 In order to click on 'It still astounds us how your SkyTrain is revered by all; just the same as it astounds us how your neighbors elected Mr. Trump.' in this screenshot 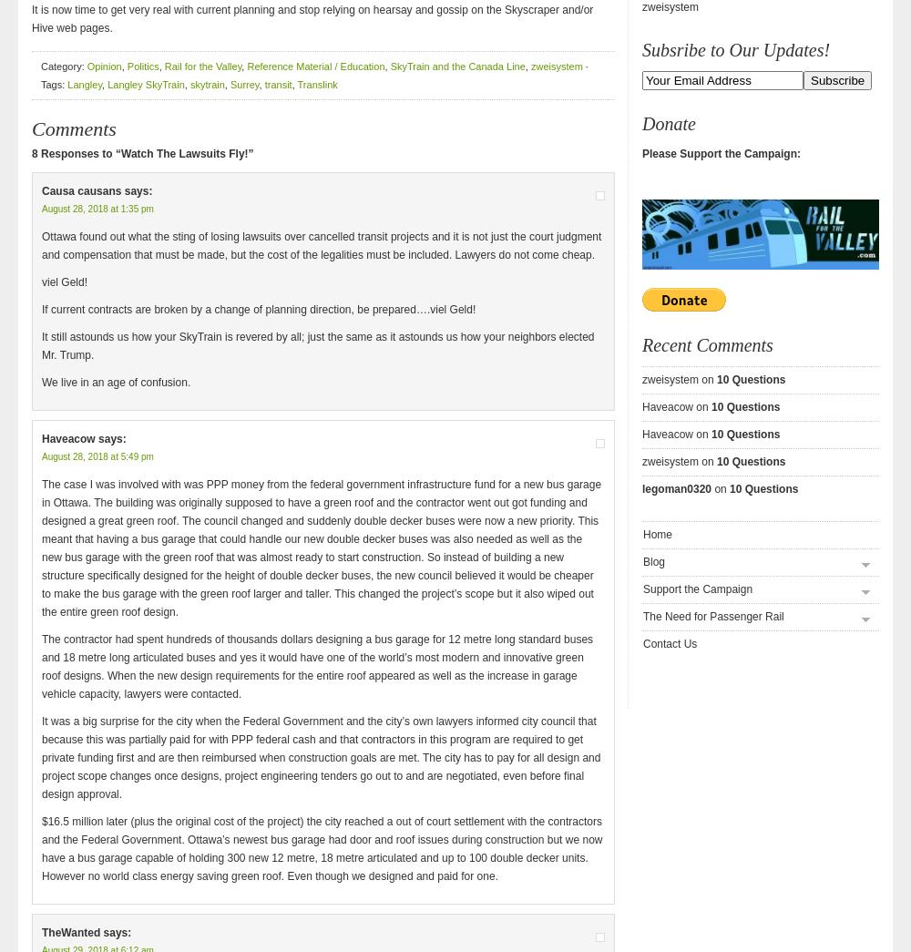, I will do `click(317, 344)`.